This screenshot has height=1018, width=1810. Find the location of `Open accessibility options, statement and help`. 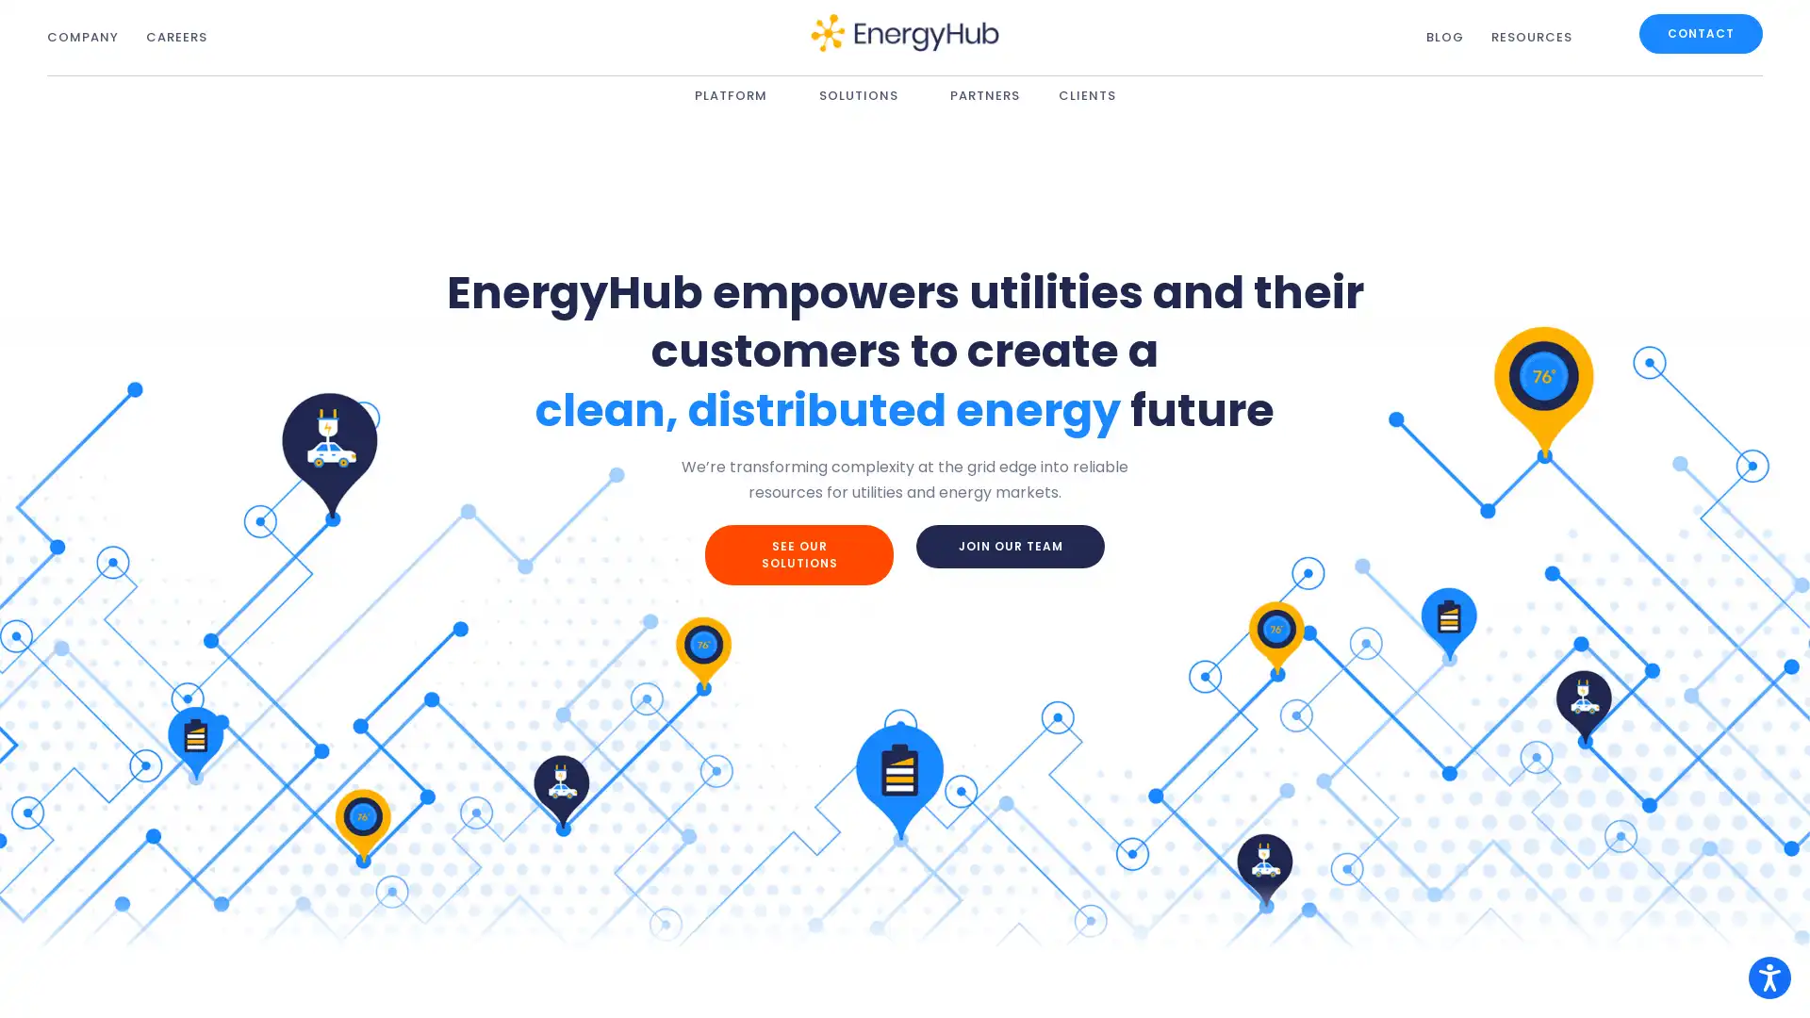

Open accessibility options, statement and help is located at coordinates (1769, 977).